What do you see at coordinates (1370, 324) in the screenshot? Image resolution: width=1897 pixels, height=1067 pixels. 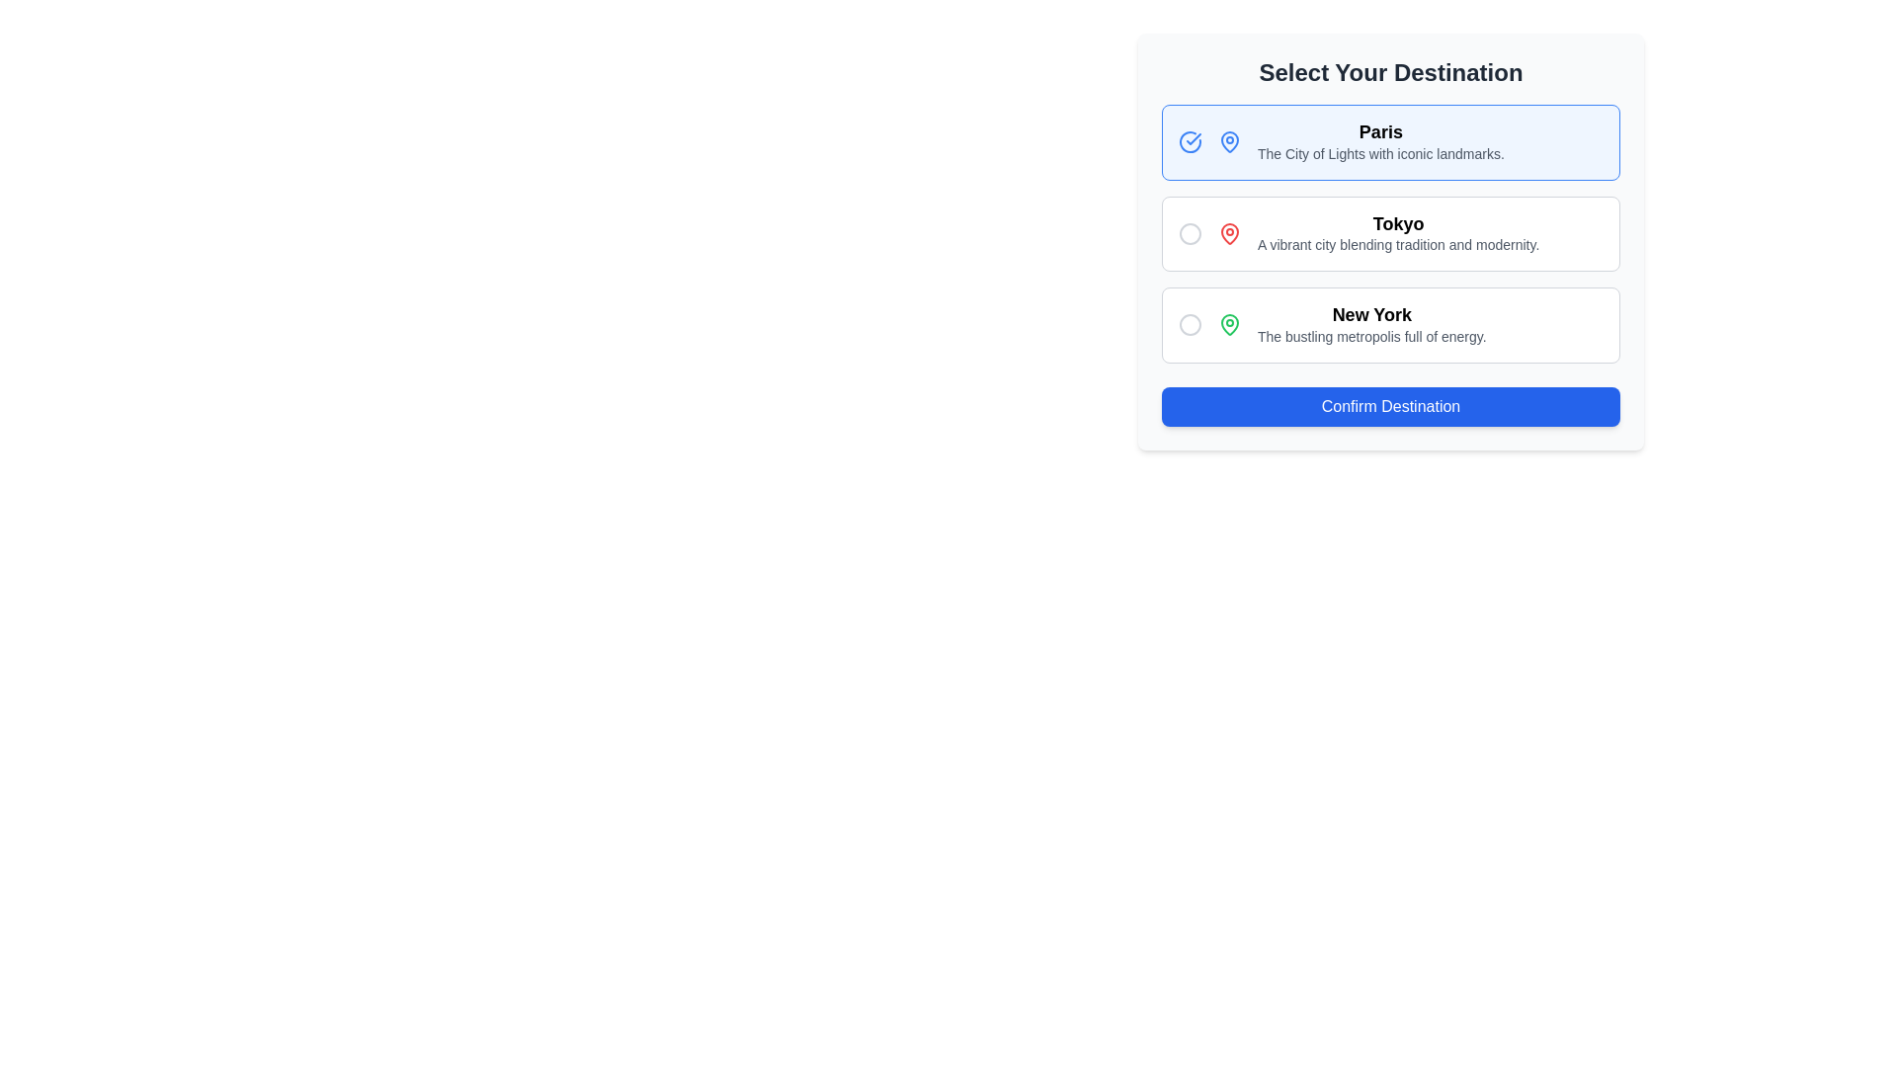 I see `descriptive name and tagline for the 'New York' destination in the text block located below the 'Paris' and 'Tokyo' options in the vertical list of destinations labeled 'Select Your Destination'` at bounding box center [1370, 324].